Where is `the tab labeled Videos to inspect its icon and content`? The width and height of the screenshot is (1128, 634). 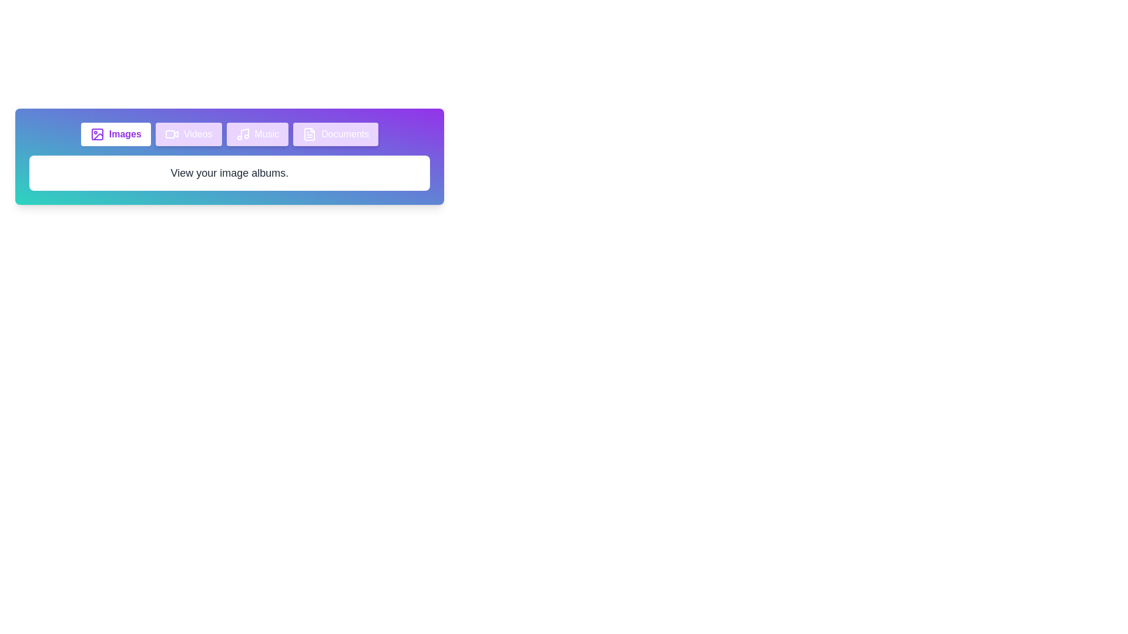
the tab labeled Videos to inspect its icon and content is located at coordinates (189, 133).